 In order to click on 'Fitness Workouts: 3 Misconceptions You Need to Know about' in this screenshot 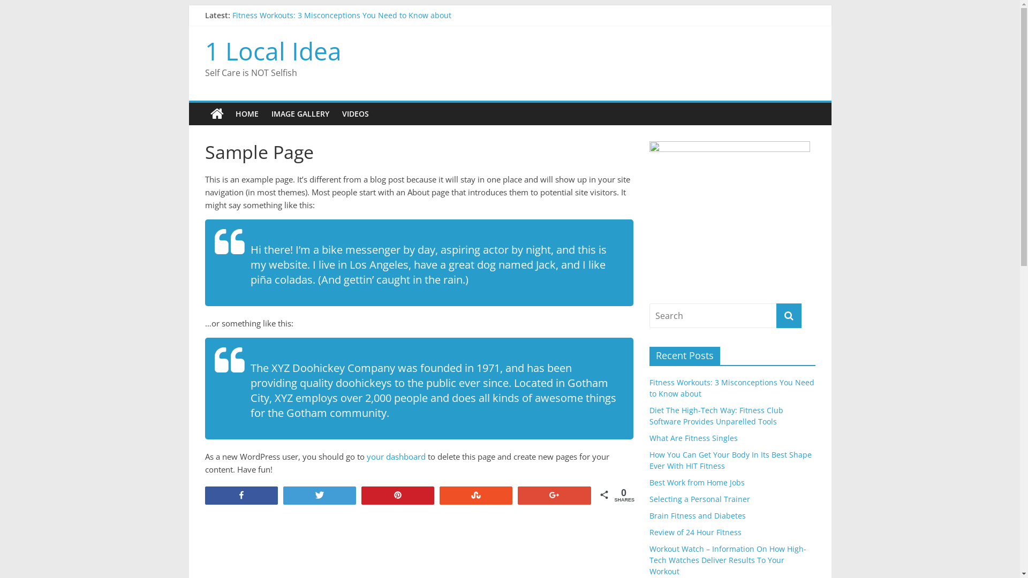, I will do `click(341, 15)`.